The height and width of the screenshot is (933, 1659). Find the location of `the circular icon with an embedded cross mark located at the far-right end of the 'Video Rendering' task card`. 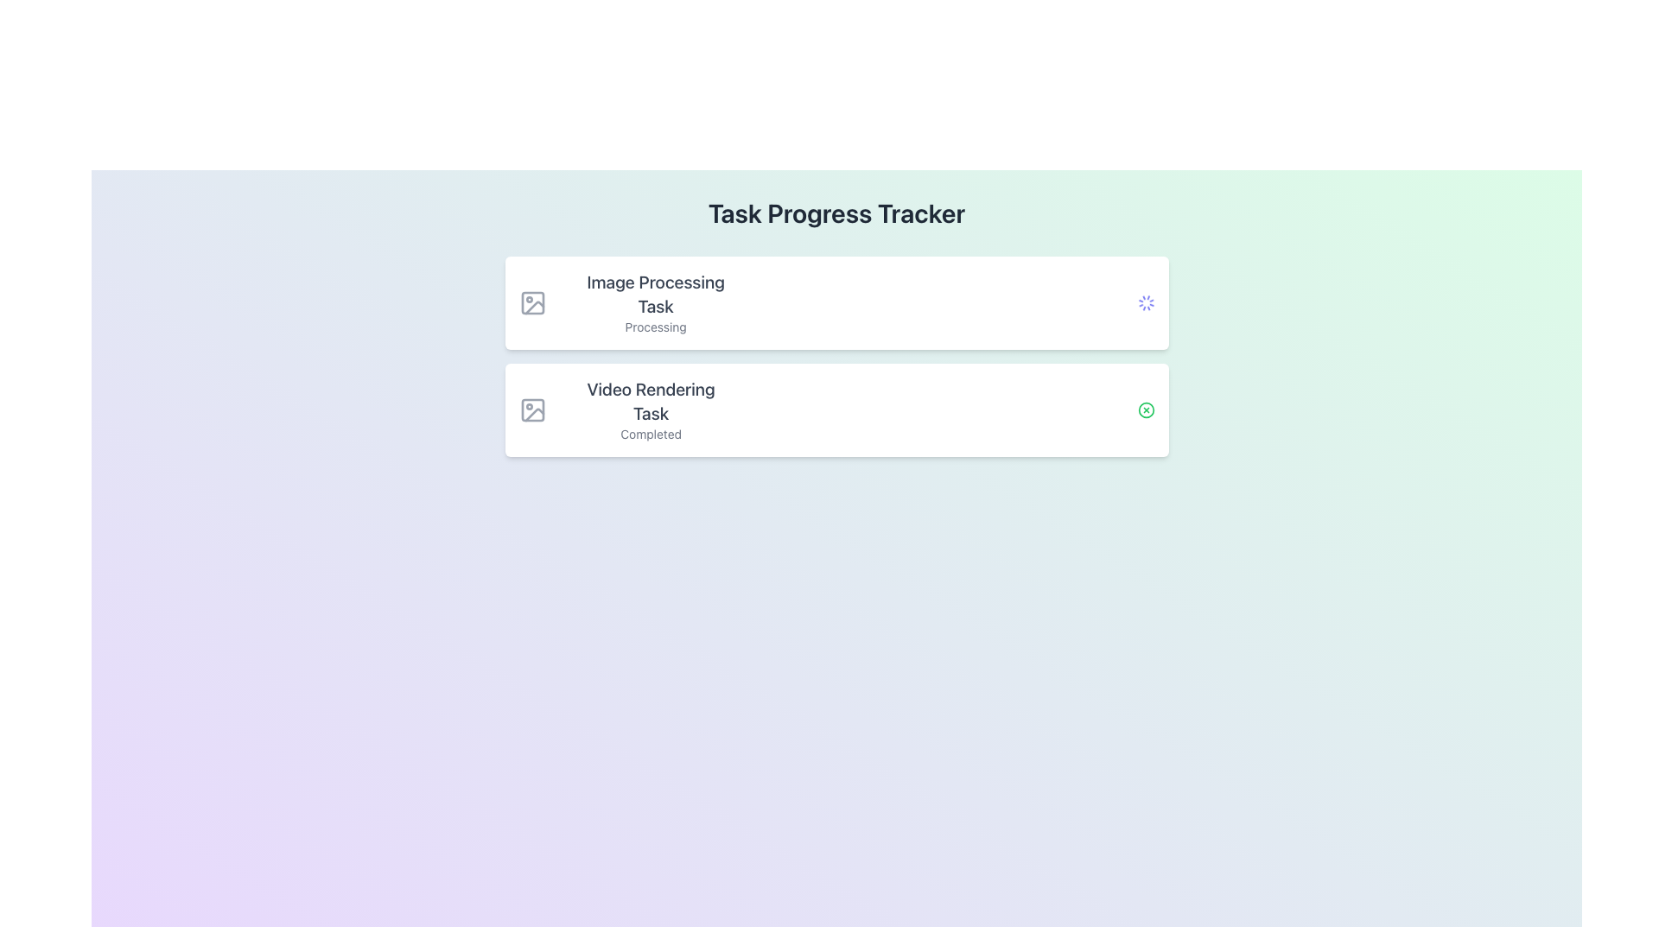

the circular icon with an embedded cross mark located at the far-right end of the 'Video Rendering' task card is located at coordinates (1146, 409).